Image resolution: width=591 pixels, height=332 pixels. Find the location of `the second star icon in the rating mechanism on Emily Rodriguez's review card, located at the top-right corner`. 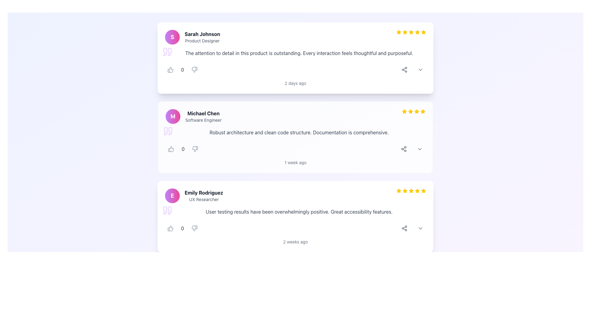

the second star icon in the rating mechanism on Emily Rodriguez's review card, located at the top-right corner is located at coordinates (405, 190).